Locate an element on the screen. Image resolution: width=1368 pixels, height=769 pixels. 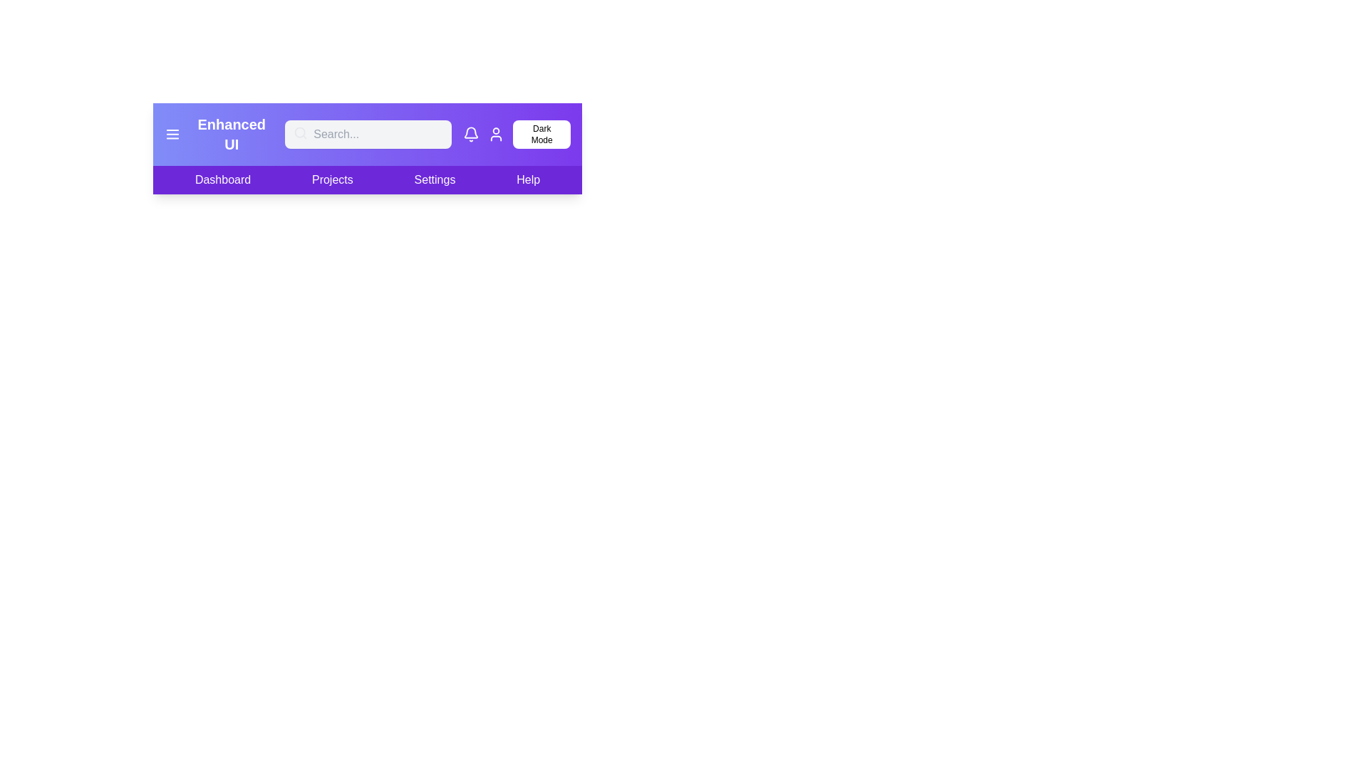
the 'Dark Mode' button to toggle the mode is located at coordinates (540, 135).